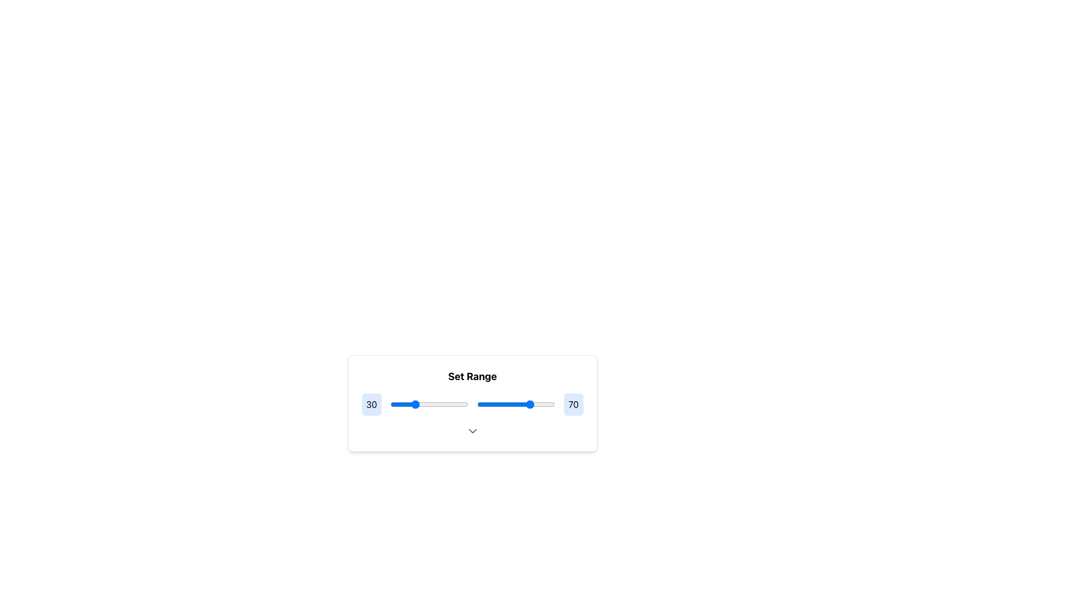 Image resolution: width=1068 pixels, height=601 pixels. Describe the element at coordinates (516, 404) in the screenshot. I see `the second range slider to fine-adjust the value between 0 and 100` at that location.